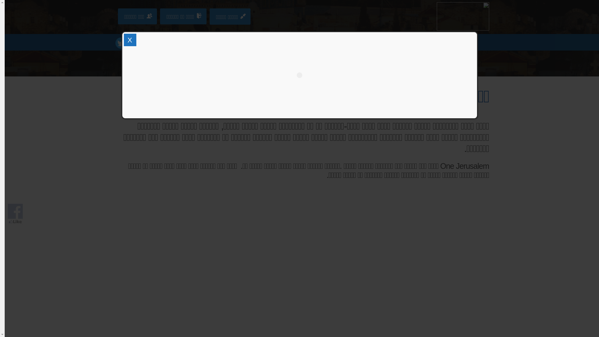  Describe the element at coordinates (15, 211) in the screenshot. I see `'Visit Our Facebook Page'` at that location.